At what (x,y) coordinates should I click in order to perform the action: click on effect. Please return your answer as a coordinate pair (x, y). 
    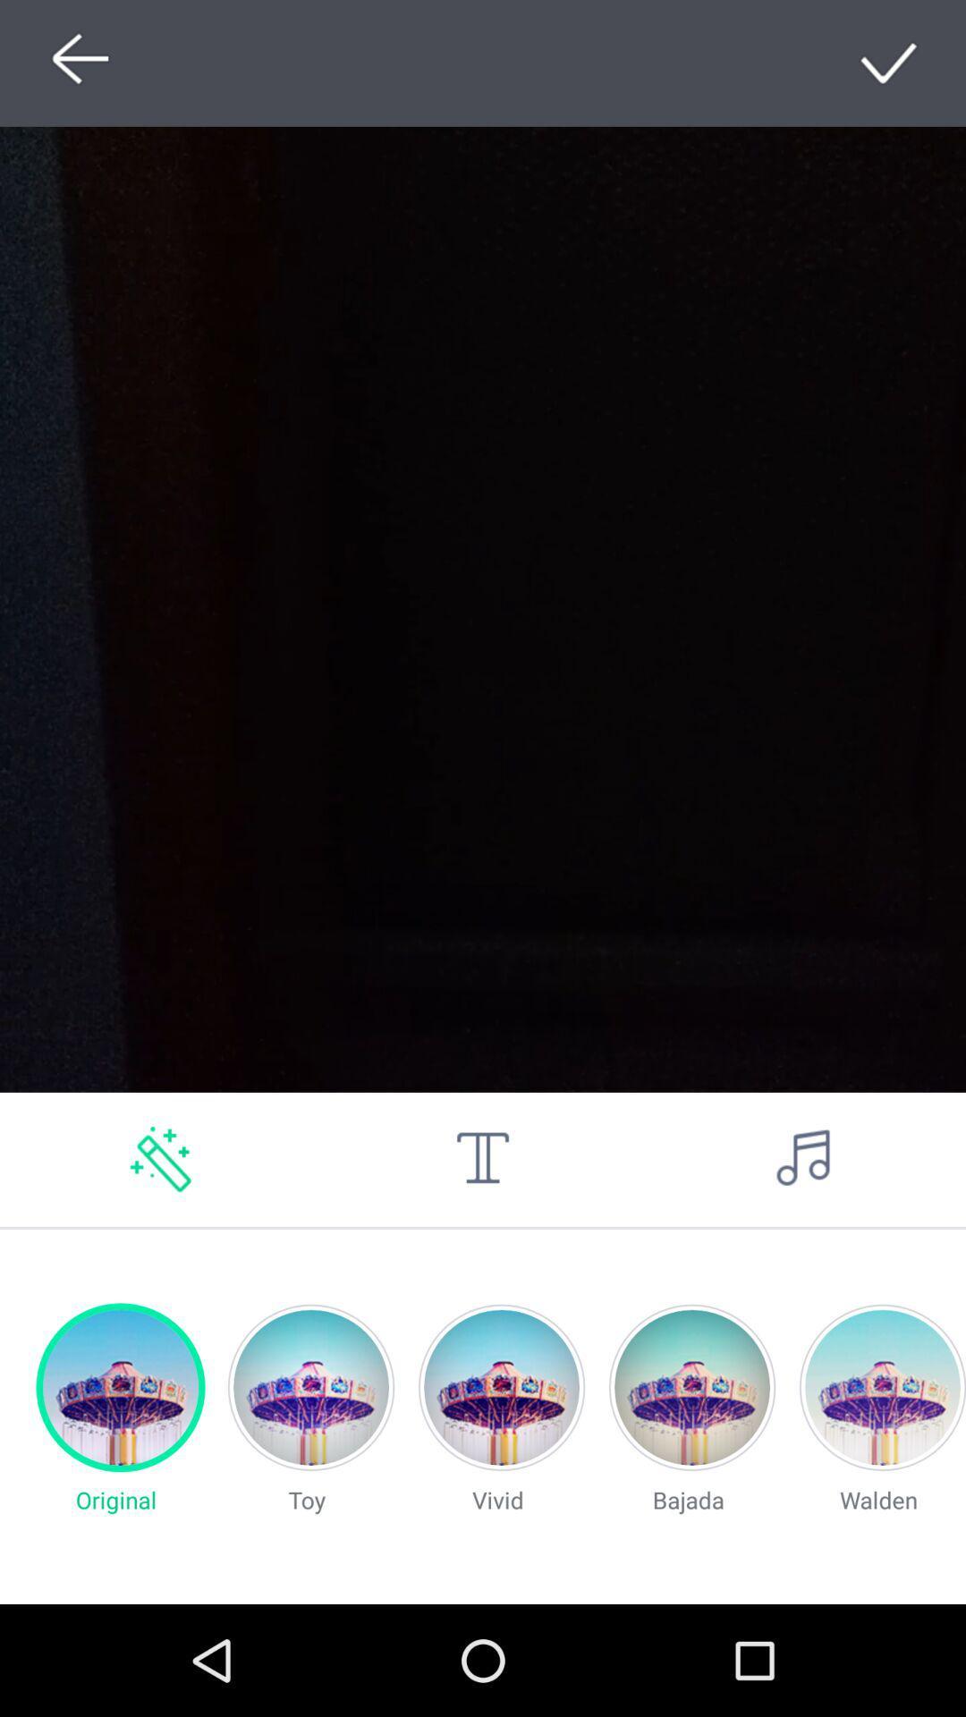
    Looking at the image, I should click on (161, 1159).